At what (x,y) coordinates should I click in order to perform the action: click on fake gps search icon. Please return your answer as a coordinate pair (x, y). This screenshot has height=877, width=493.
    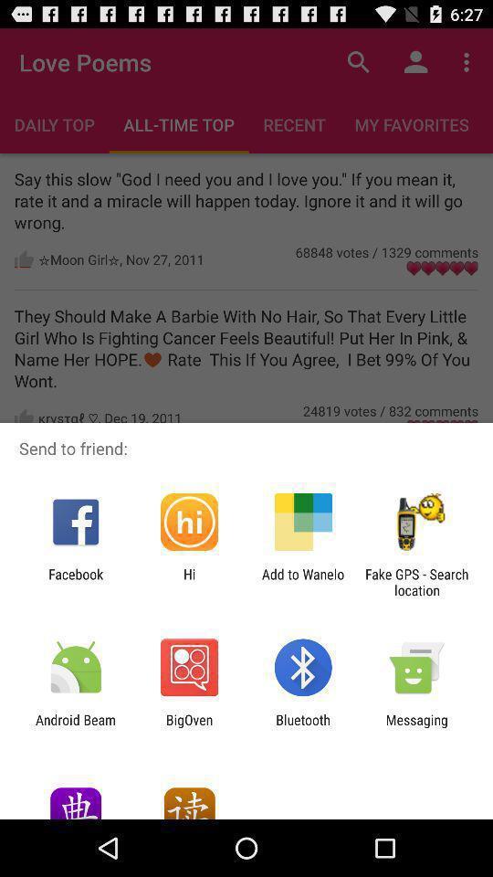
    Looking at the image, I should click on (416, 581).